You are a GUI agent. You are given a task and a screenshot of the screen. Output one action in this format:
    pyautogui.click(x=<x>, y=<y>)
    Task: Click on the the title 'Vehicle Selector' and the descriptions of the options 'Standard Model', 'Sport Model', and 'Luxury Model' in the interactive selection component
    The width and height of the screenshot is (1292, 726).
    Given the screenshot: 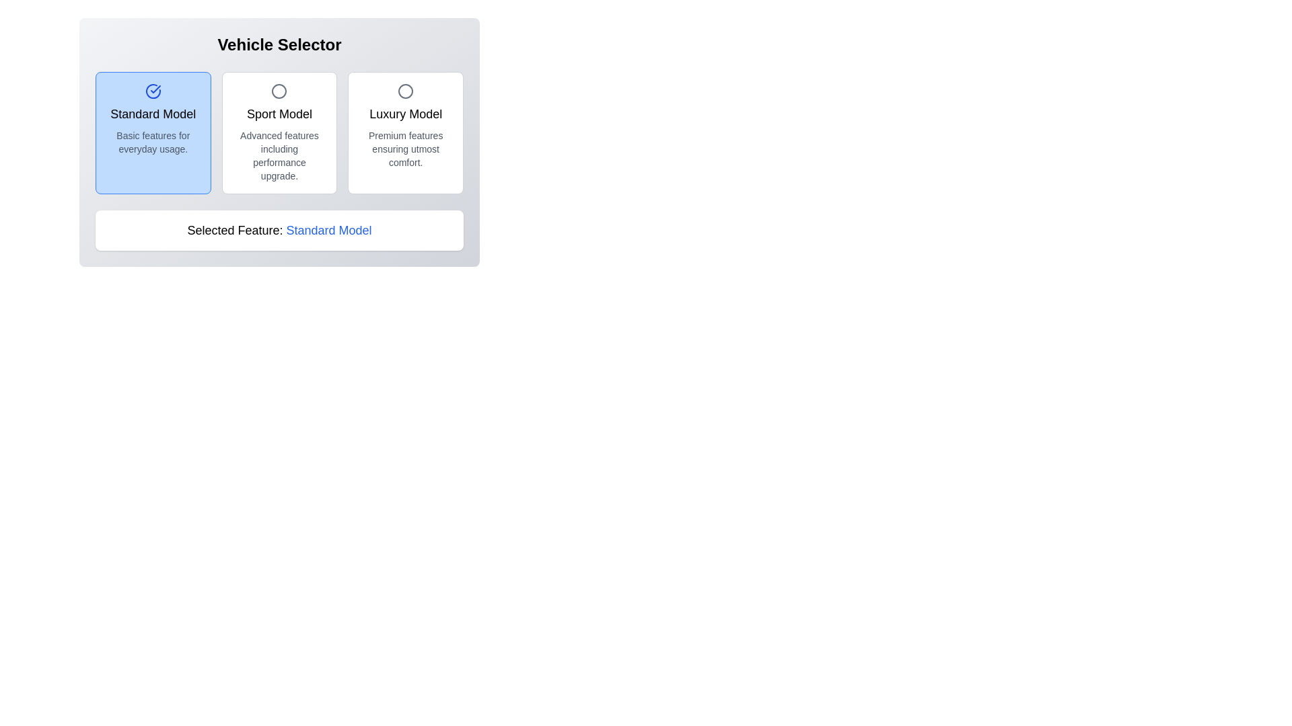 What is the action you would take?
    pyautogui.click(x=279, y=143)
    